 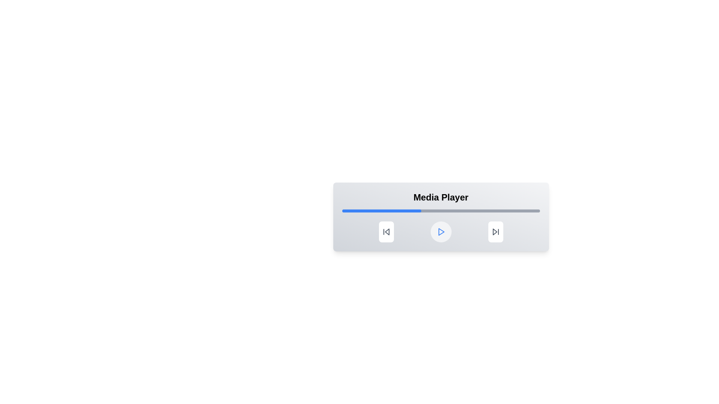 I want to click on the play button located at the bottom of the media player interface to initiate playback of media content, so click(x=441, y=232).